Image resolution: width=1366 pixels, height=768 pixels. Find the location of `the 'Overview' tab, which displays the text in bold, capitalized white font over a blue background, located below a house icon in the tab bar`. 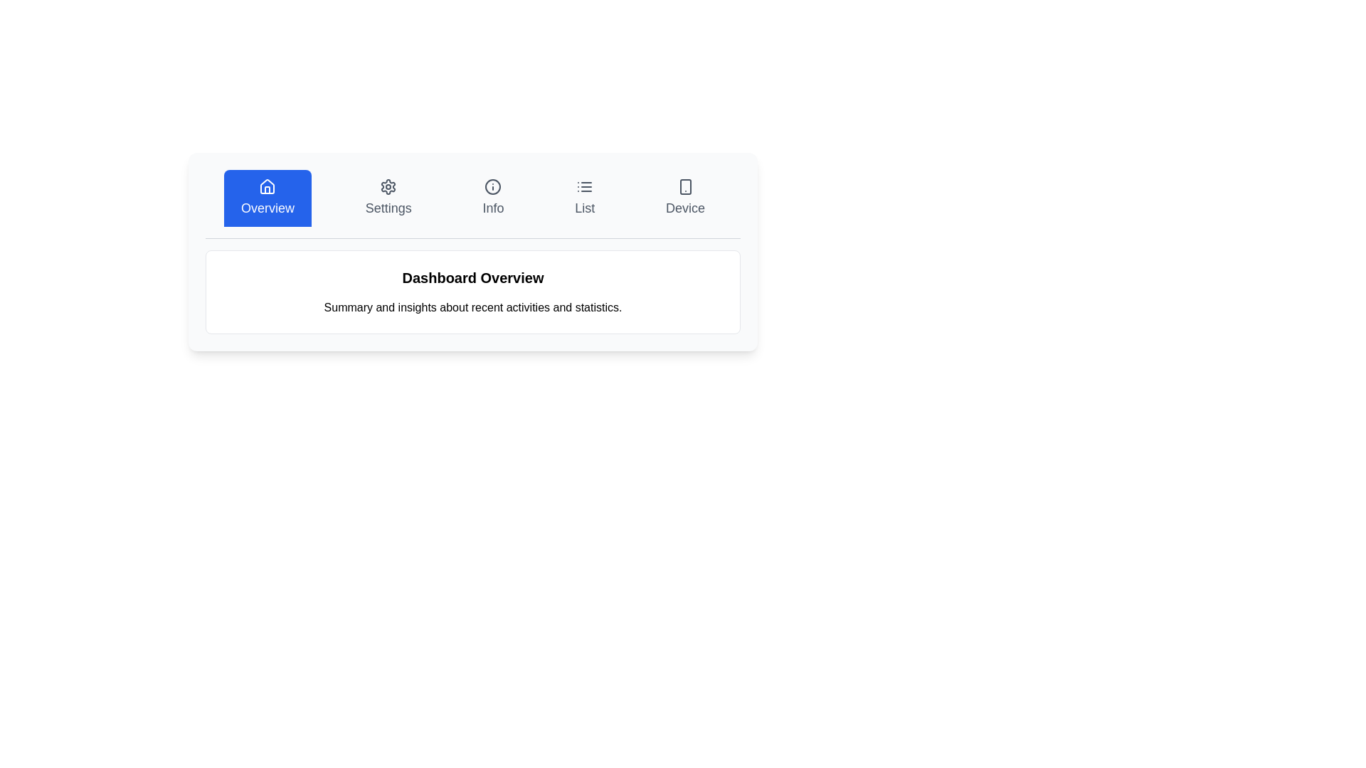

the 'Overview' tab, which displays the text in bold, capitalized white font over a blue background, located below a house icon in the tab bar is located at coordinates (268, 208).